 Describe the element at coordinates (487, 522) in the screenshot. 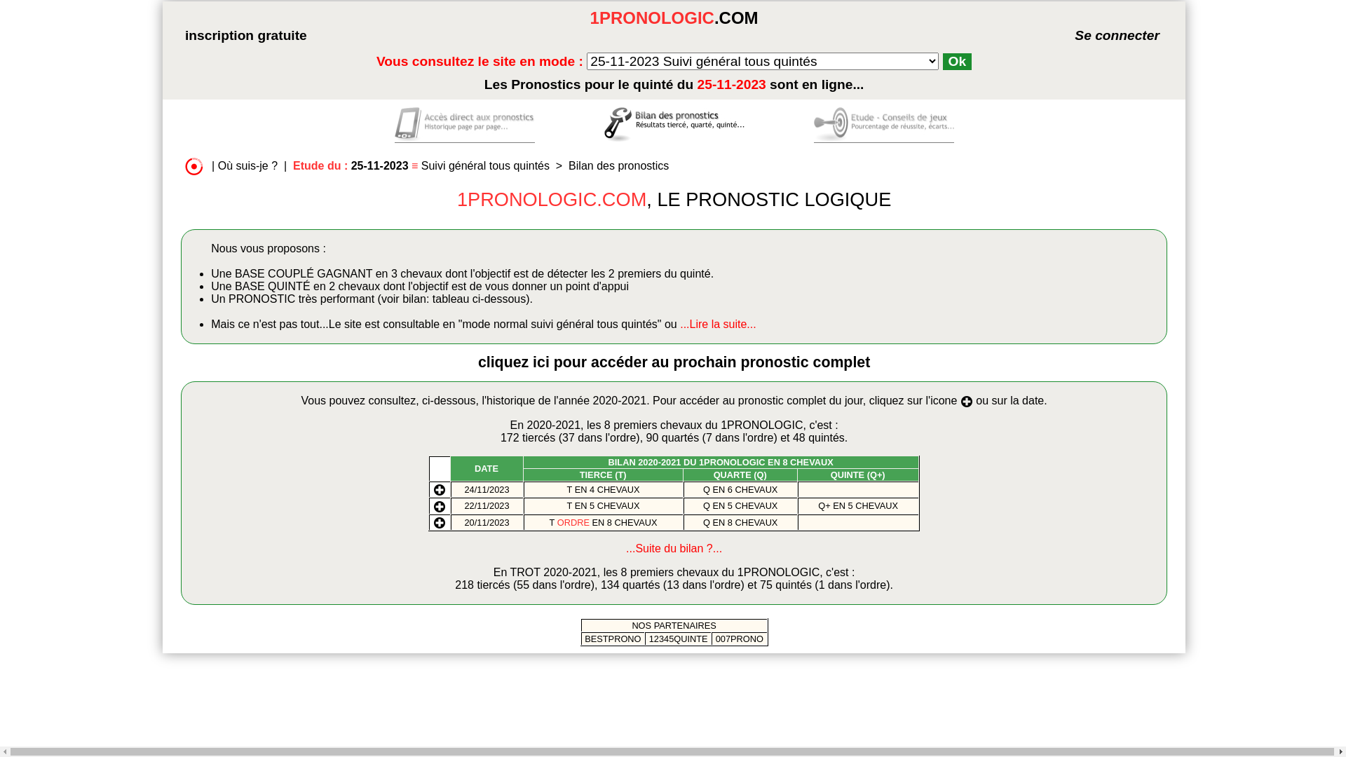

I see `' 20/11/2023 '` at that location.